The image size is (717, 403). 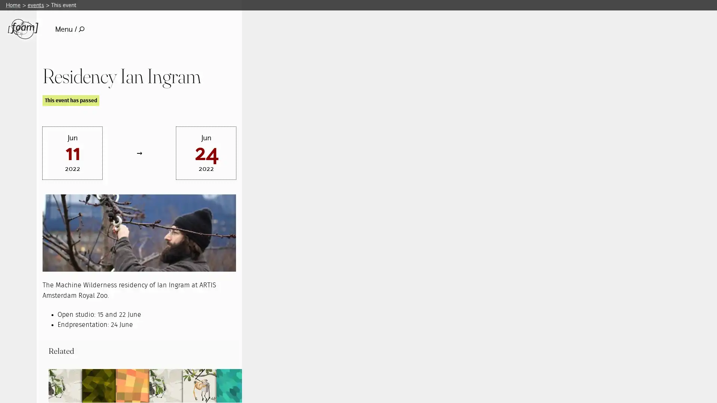 I want to click on Menu /, so click(x=69, y=29).